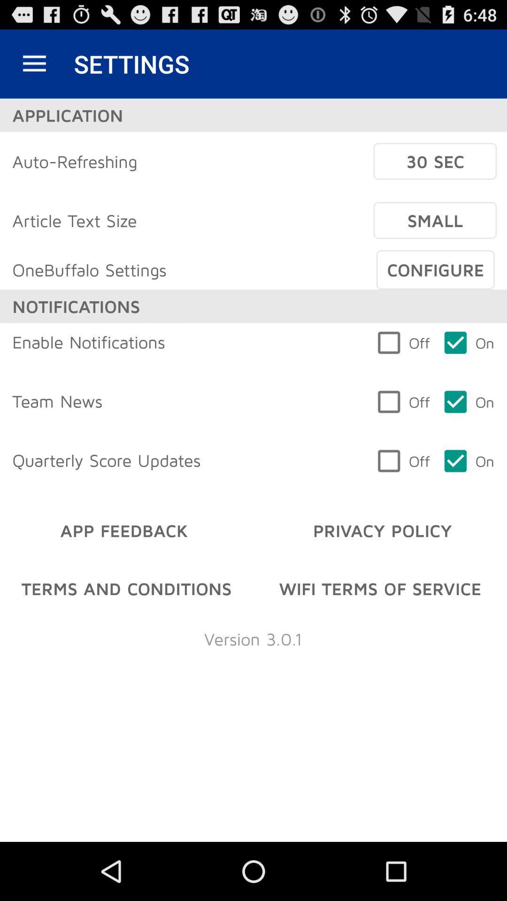 This screenshot has height=901, width=507. What do you see at coordinates (34, 63) in the screenshot?
I see `the item to the left of settings` at bounding box center [34, 63].